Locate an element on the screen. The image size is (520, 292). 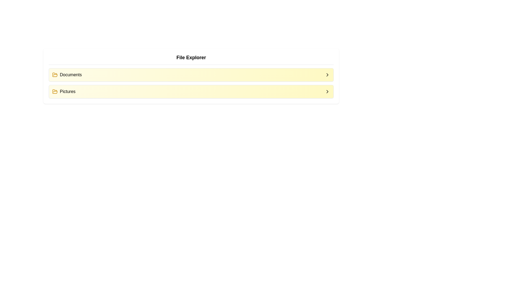
the icon located on the right side of the 'Documents' entry is located at coordinates (327, 75).